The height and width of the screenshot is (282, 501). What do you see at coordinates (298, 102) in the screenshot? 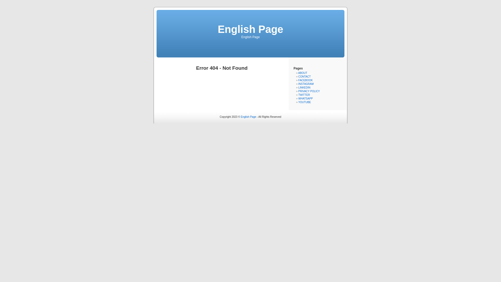
I see `'YOUTUBE'` at bounding box center [298, 102].